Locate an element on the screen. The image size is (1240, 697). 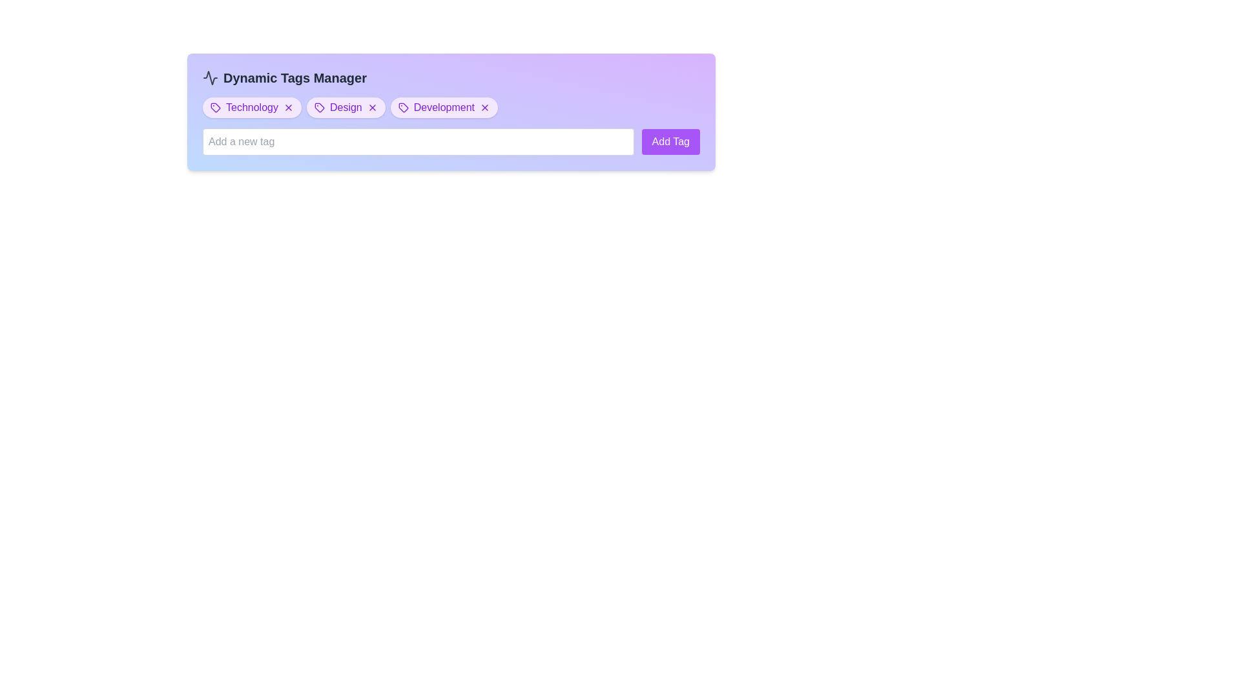
the icon element resembling a tag, which is located to the immediate left of the text 'Design' in the header row of the 'Dynamic Tags Manager' section is located at coordinates (319, 106).